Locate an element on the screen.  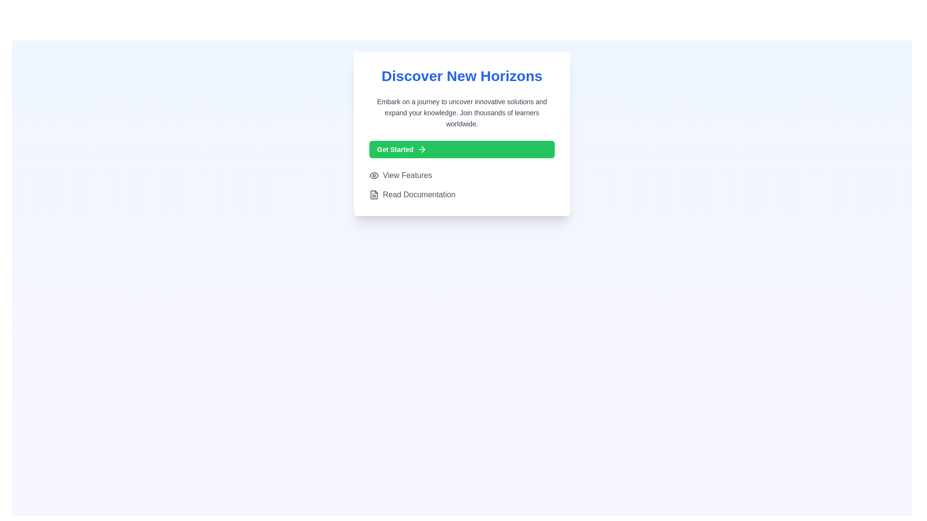
the call-to-action button located below the 'Discover New Horizons' title and above the 'View Features' and 'Read Documentation' elements to initiate an action is located at coordinates (461, 149).